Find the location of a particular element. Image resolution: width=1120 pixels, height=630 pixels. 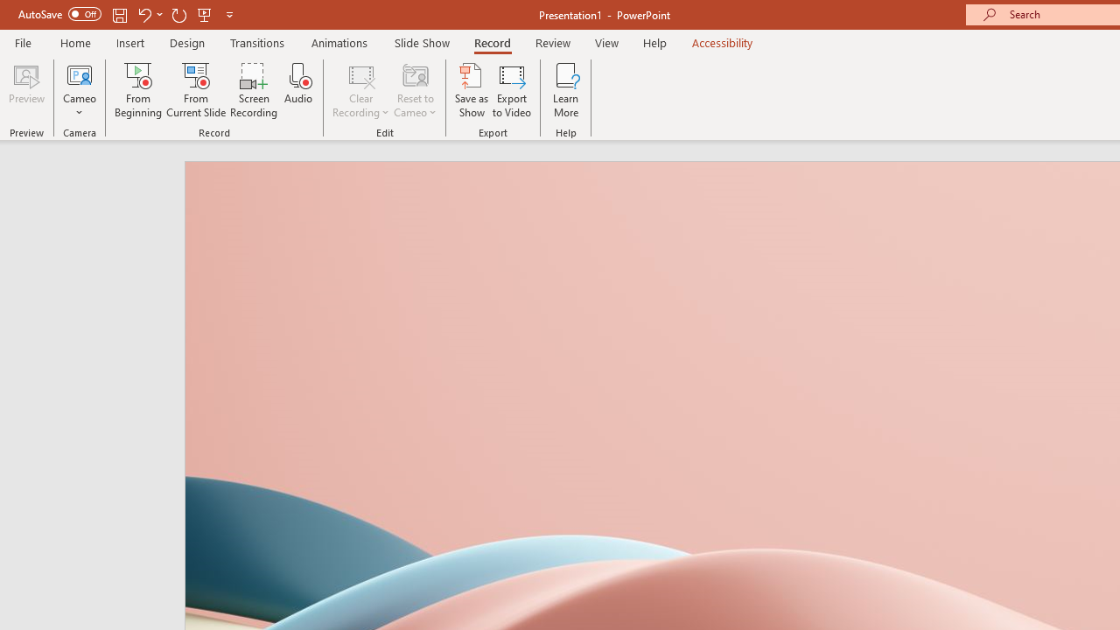

'Reset to Cameo' is located at coordinates (414, 90).